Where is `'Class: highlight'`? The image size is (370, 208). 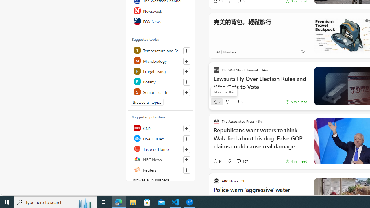
'Class: highlight' is located at coordinates (161, 91).